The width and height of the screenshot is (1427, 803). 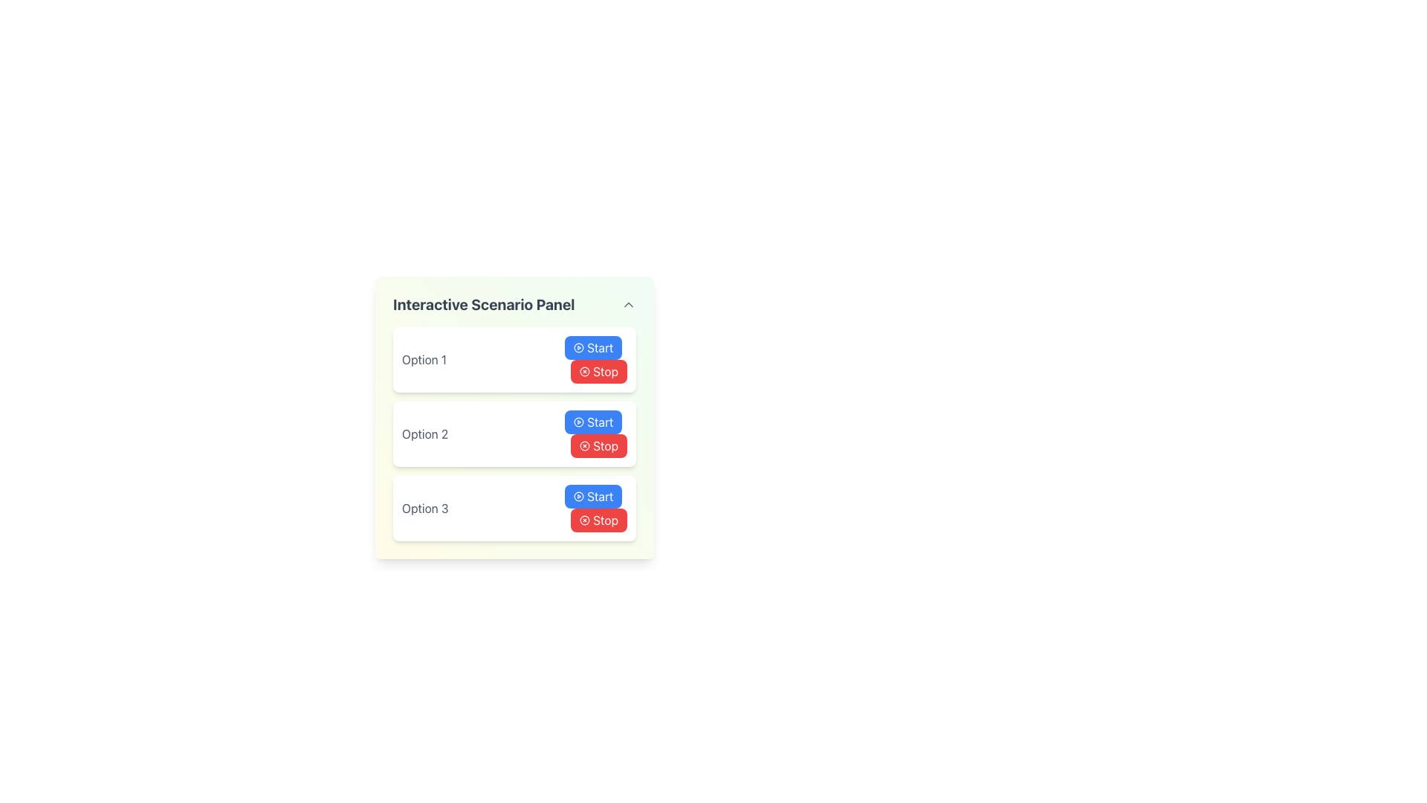 What do you see at coordinates (592, 496) in the screenshot?
I see `the 'Start' button with a blue background and white text, located in the bottom row of the 'Interactive Scenario Panel', to initiate the action` at bounding box center [592, 496].